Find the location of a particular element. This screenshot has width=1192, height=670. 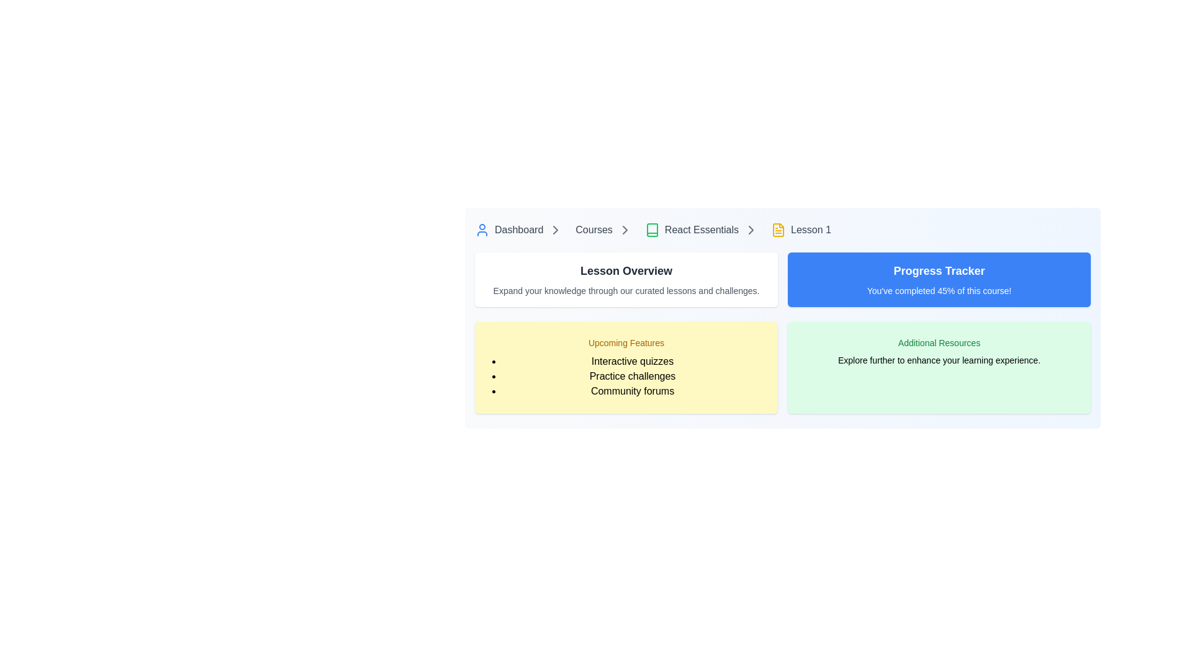

the right-pointing chevron icon in the breadcrumb navigation bar that is styled with a thin, rounded stroke and is gray in color, positioned between the 'Courses' and 'React Essentials' links is located at coordinates (625, 230).